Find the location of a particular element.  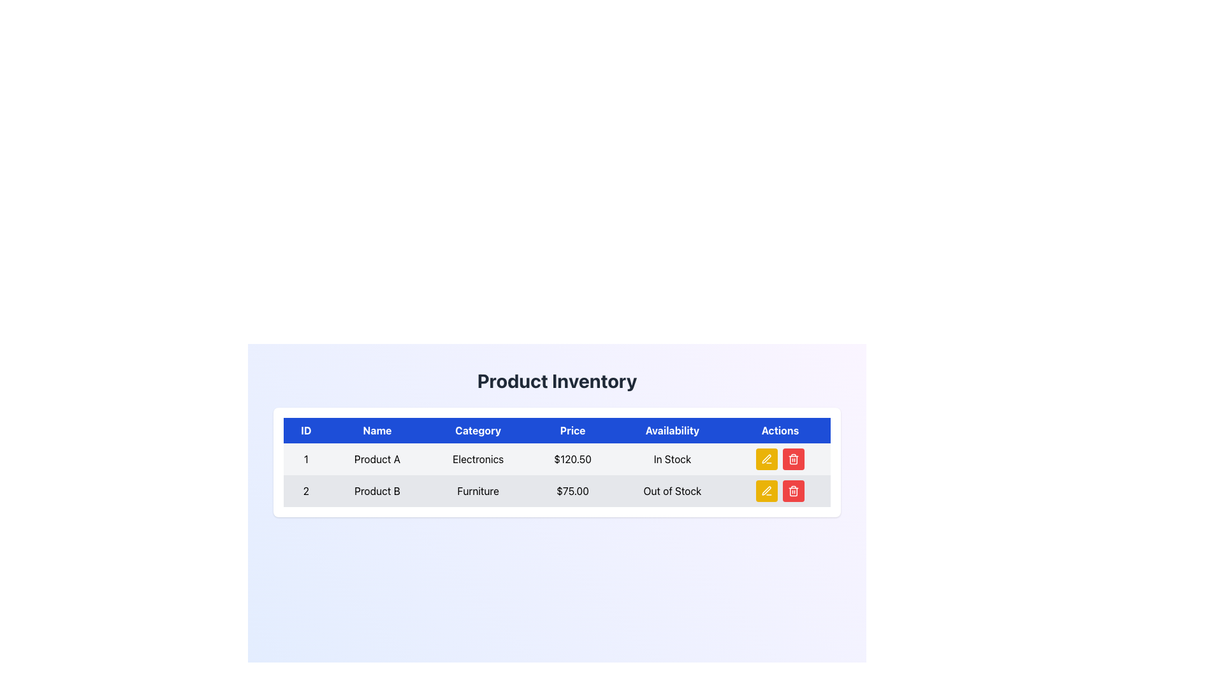

the static text display box that shows the name of the first product in the inventory table, located in the second cell of the first row under the 'Name' column is located at coordinates (376, 459).